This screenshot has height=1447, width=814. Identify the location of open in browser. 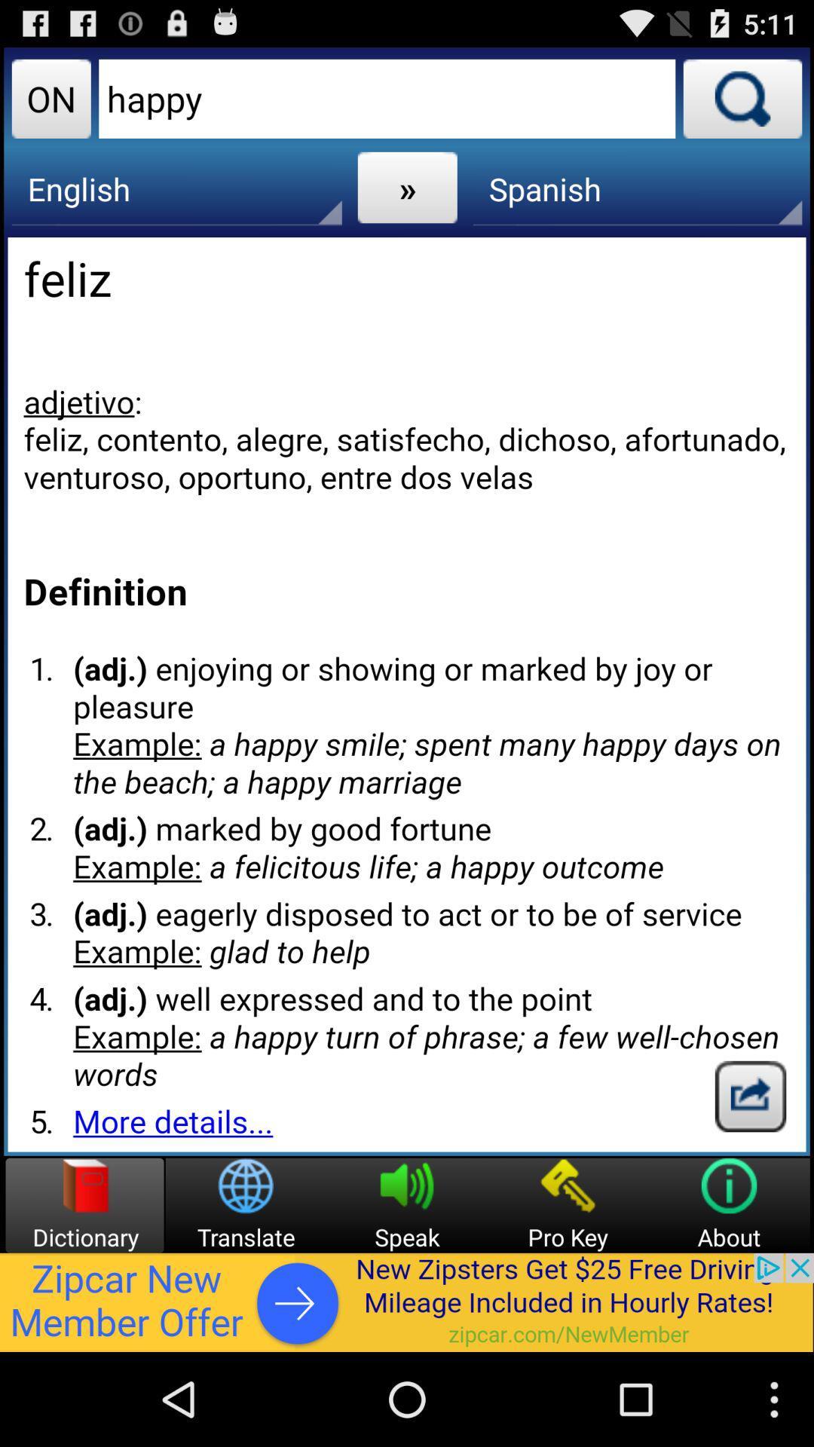
(750, 1096).